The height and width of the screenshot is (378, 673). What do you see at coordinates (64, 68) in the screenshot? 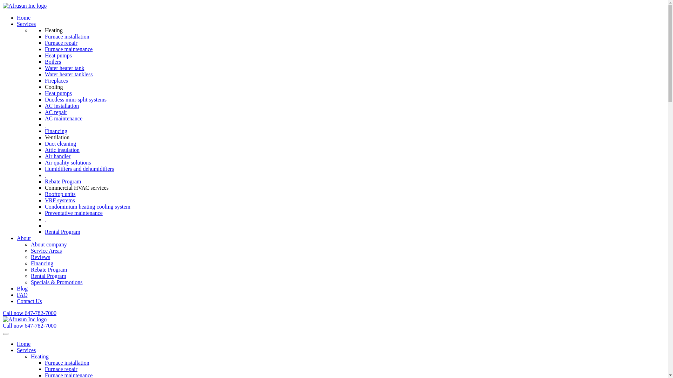
I see `'Water heater tank'` at bounding box center [64, 68].